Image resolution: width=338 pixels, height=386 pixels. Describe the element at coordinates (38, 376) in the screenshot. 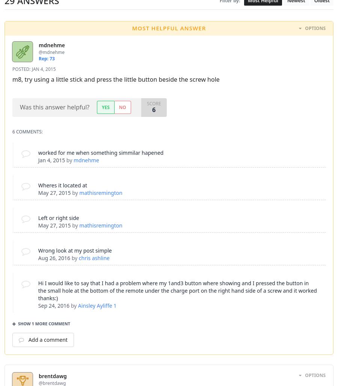

I see `'brentdawg'` at that location.